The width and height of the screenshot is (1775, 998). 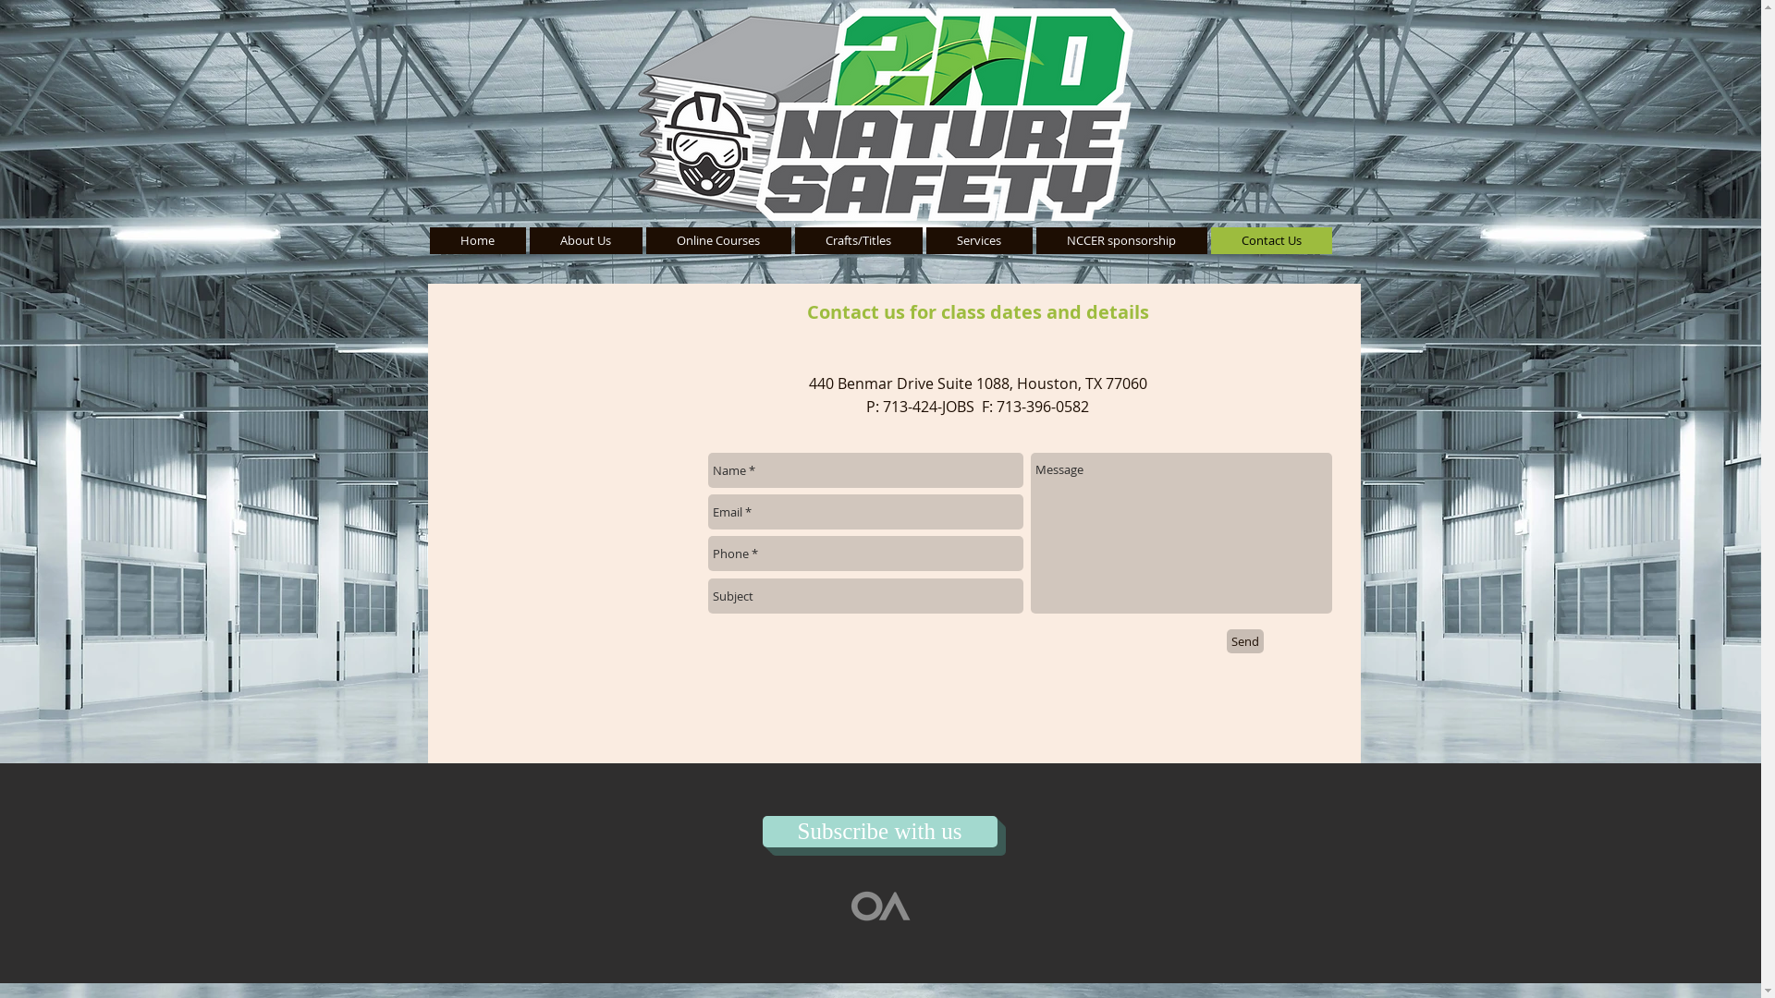 I want to click on 'About Us', so click(x=584, y=239).